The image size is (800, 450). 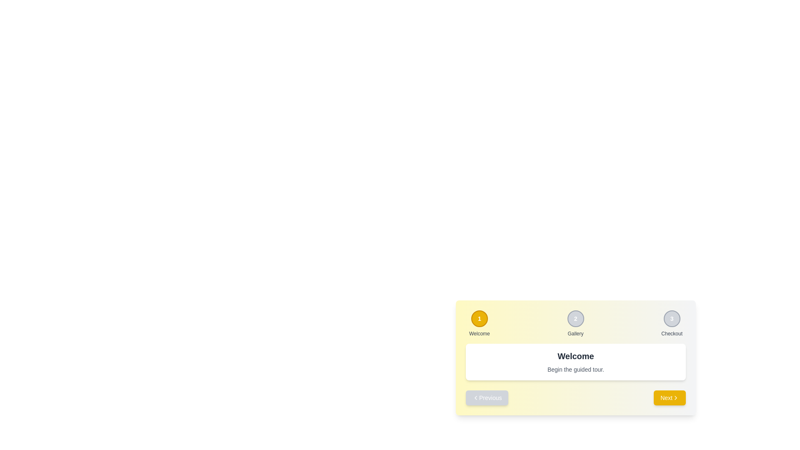 What do you see at coordinates (575, 327) in the screenshot?
I see `the step indicator element labeled '2 Gallery'` at bounding box center [575, 327].